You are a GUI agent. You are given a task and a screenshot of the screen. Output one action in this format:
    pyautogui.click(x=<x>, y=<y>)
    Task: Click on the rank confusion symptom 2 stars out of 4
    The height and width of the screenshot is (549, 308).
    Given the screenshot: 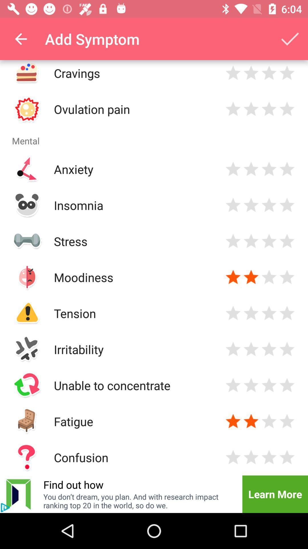 What is the action you would take?
    pyautogui.click(x=251, y=457)
    